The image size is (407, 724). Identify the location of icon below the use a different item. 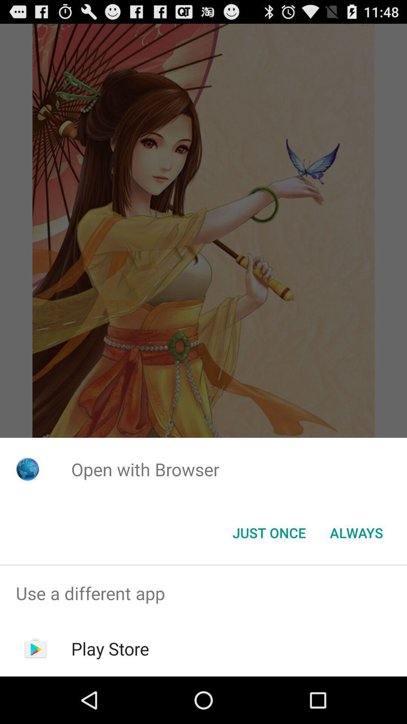
(110, 648).